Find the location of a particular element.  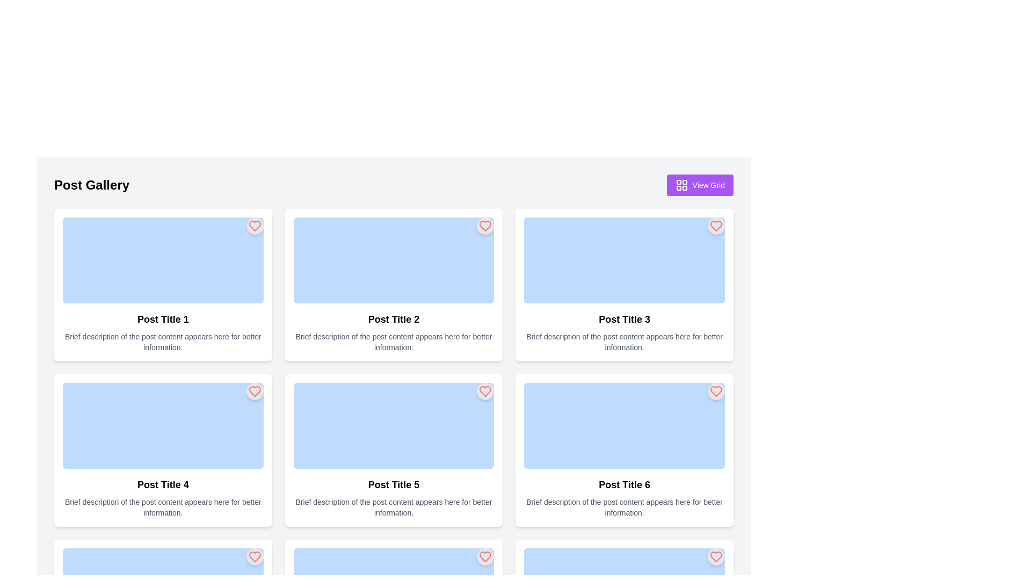

the heart-shaped button located at the top-right corner of the card titled 'Post Title 9', which has a gray background and a red-colored heart is located at coordinates (716, 556).